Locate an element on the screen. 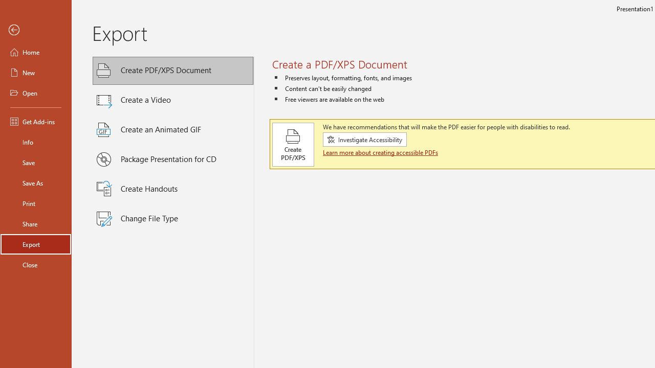 The image size is (655, 368). 'Export' is located at coordinates (35, 244).